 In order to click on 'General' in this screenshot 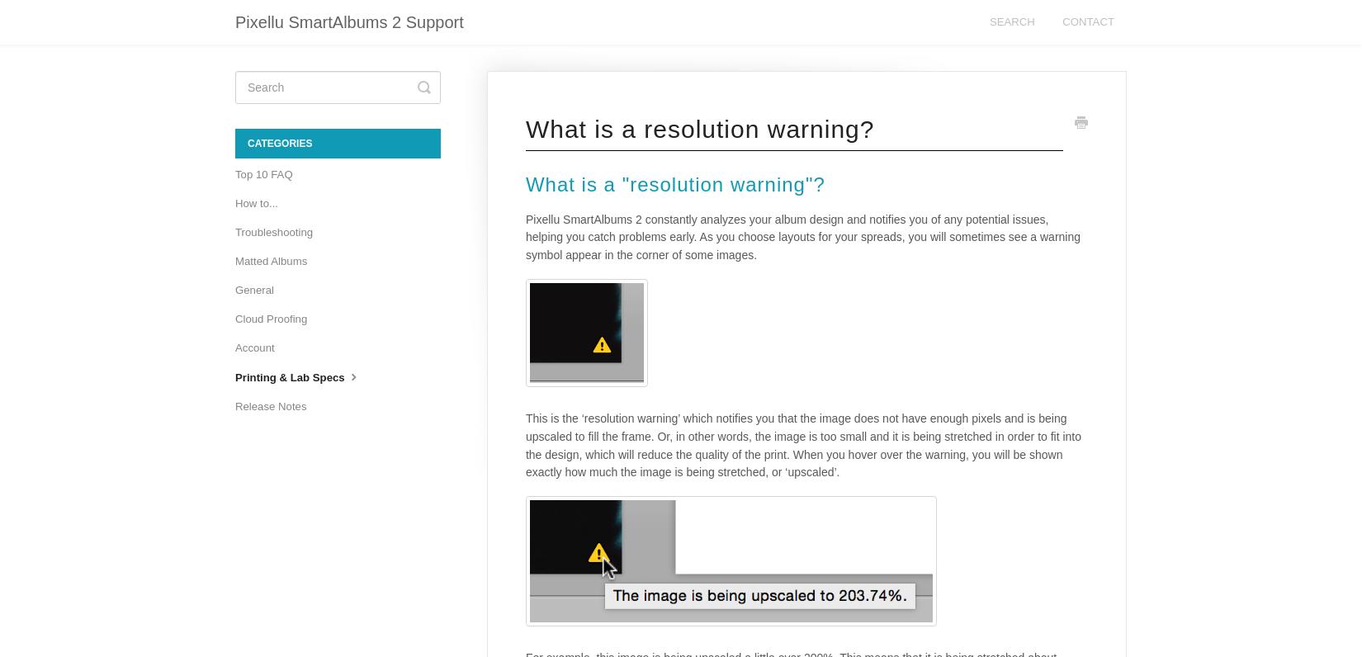, I will do `click(254, 289)`.